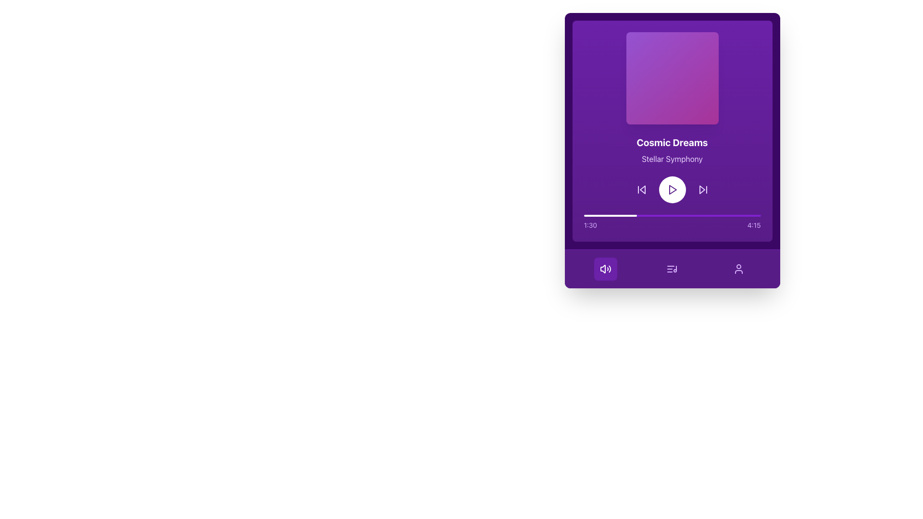 This screenshot has width=923, height=519. What do you see at coordinates (589, 215) in the screenshot?
I see `playback time` at bounding box center [589, 215].